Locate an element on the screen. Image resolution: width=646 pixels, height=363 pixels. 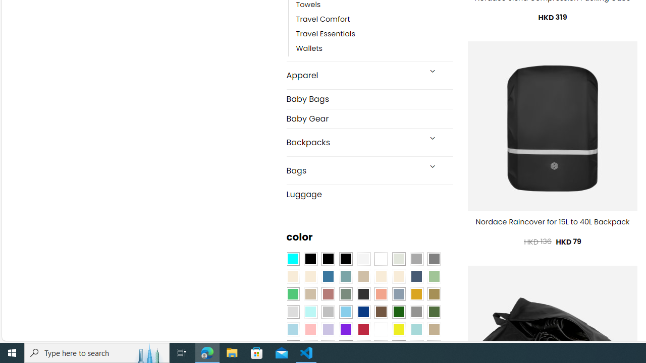
'Yellow' is located at coordinates (398, 329).